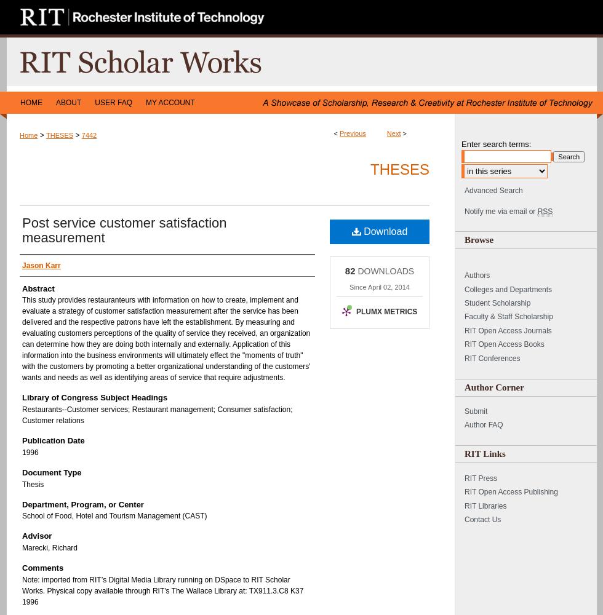 The height and width of the screenshot is (615, 603). Describe the element at coordinates (511, 492) in the screenshot. I see `'RIT Open Access Publishing'` at that location.